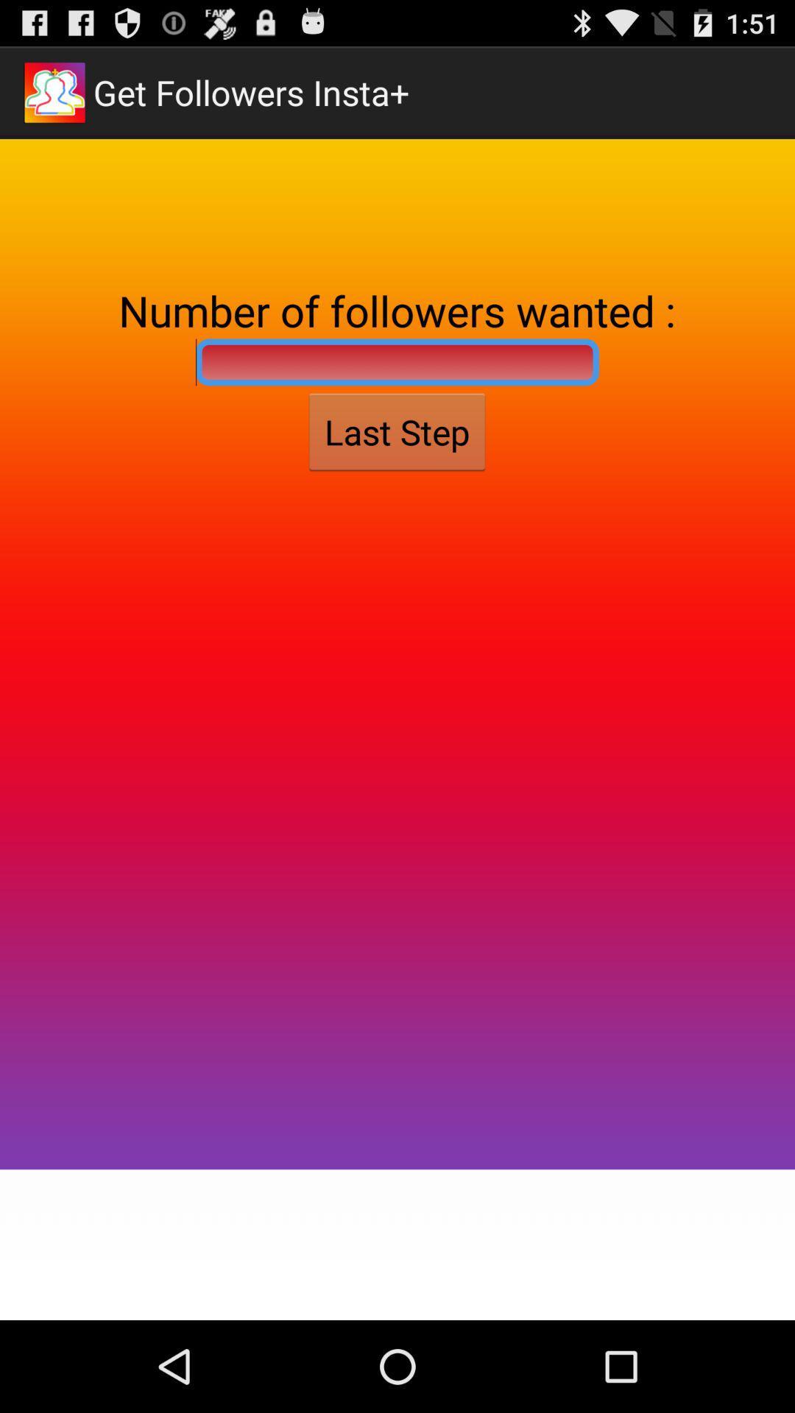 This screenshot has width=795, height=1413. What do you see at coordinates (396, 431) in the screenshot?
I see `last step item` at bounding box center [396, 431].